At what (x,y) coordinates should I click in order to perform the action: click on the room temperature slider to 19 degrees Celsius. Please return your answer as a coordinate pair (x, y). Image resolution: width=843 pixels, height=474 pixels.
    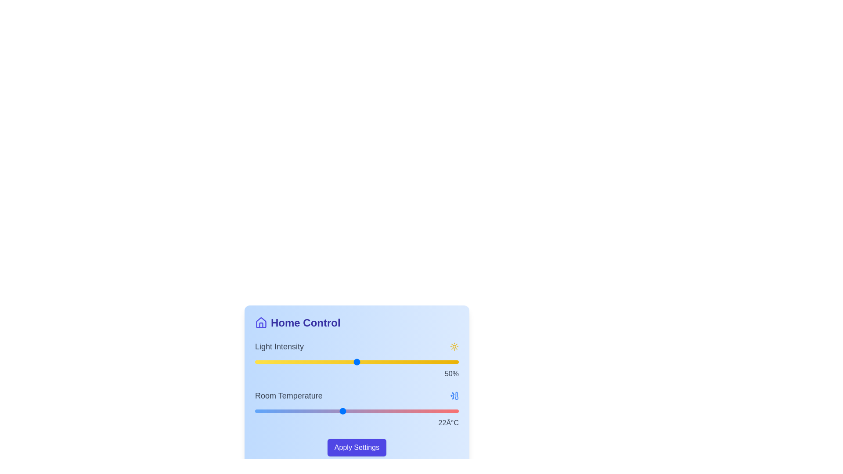
    Looking at the image, I should click on (299, 411).